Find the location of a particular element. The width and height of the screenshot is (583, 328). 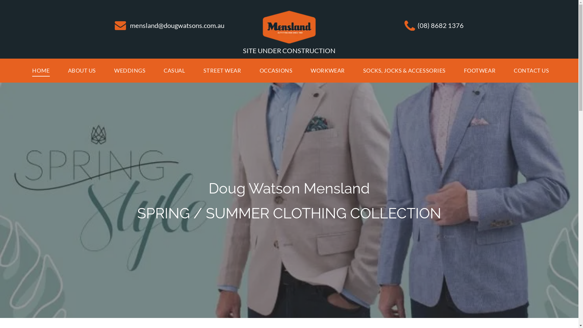

'WORKWEAR' is located at coordinates (327, 70).